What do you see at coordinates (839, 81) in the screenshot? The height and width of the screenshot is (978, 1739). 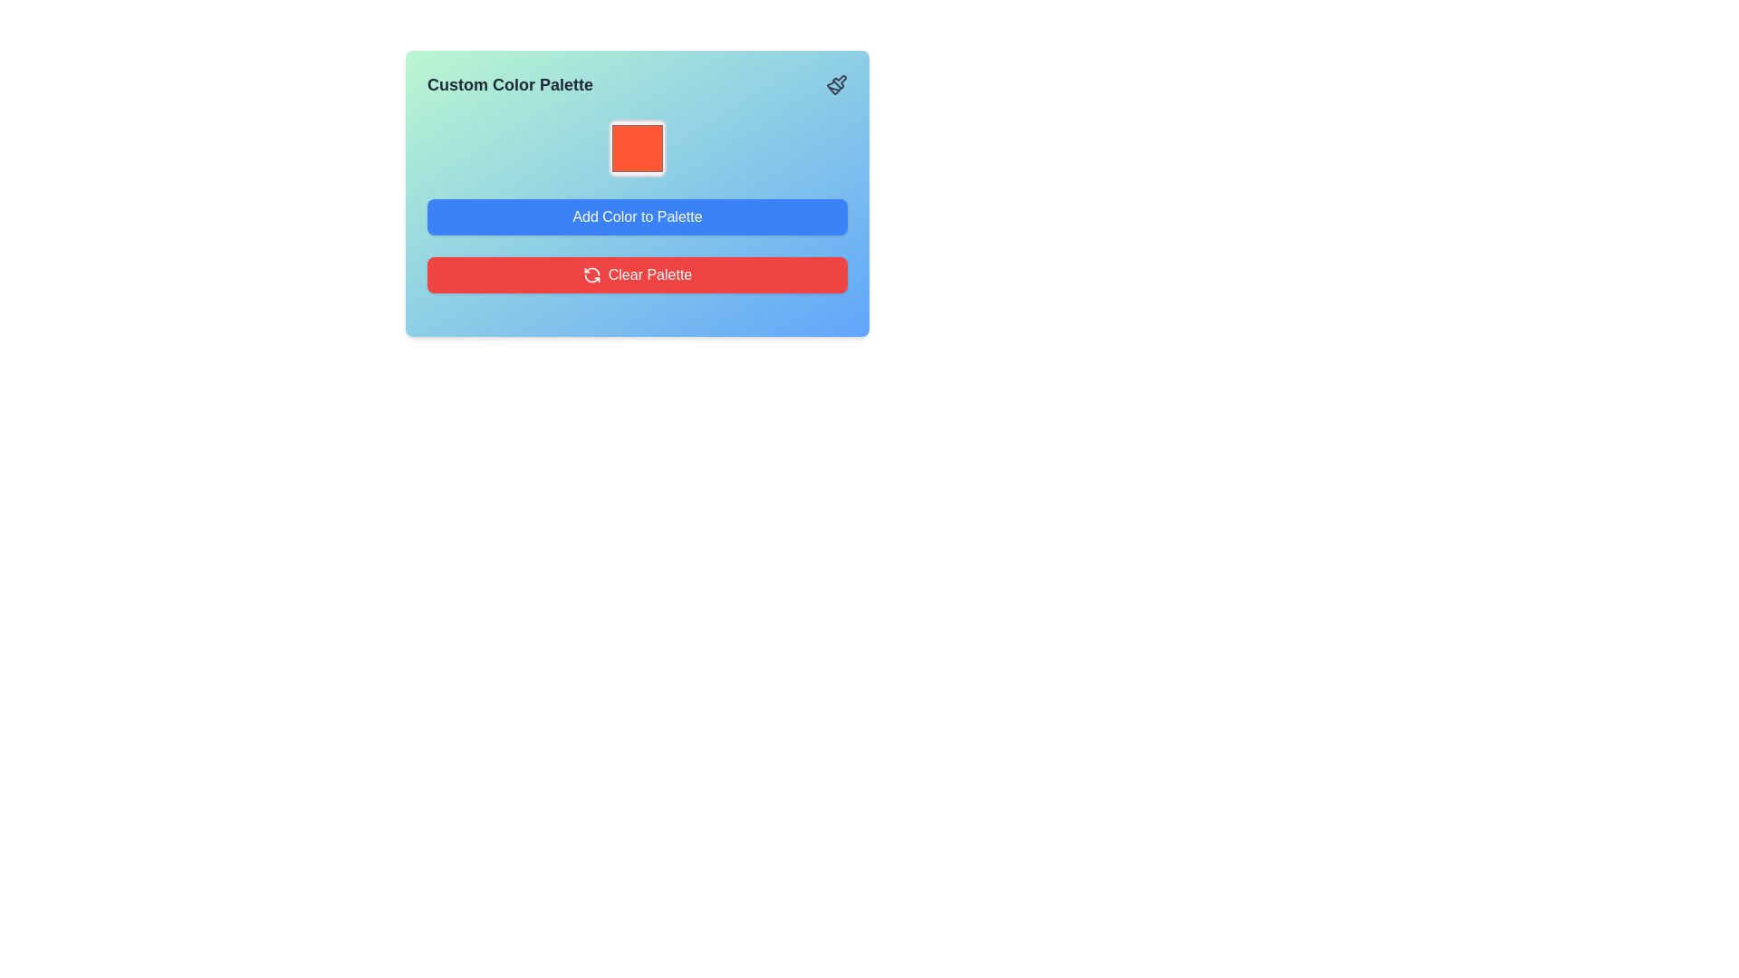 I see `the edit icon located in the top-right corner of the colored card to observe the associated tooltip or functionality` at bounding box center [839, 81].